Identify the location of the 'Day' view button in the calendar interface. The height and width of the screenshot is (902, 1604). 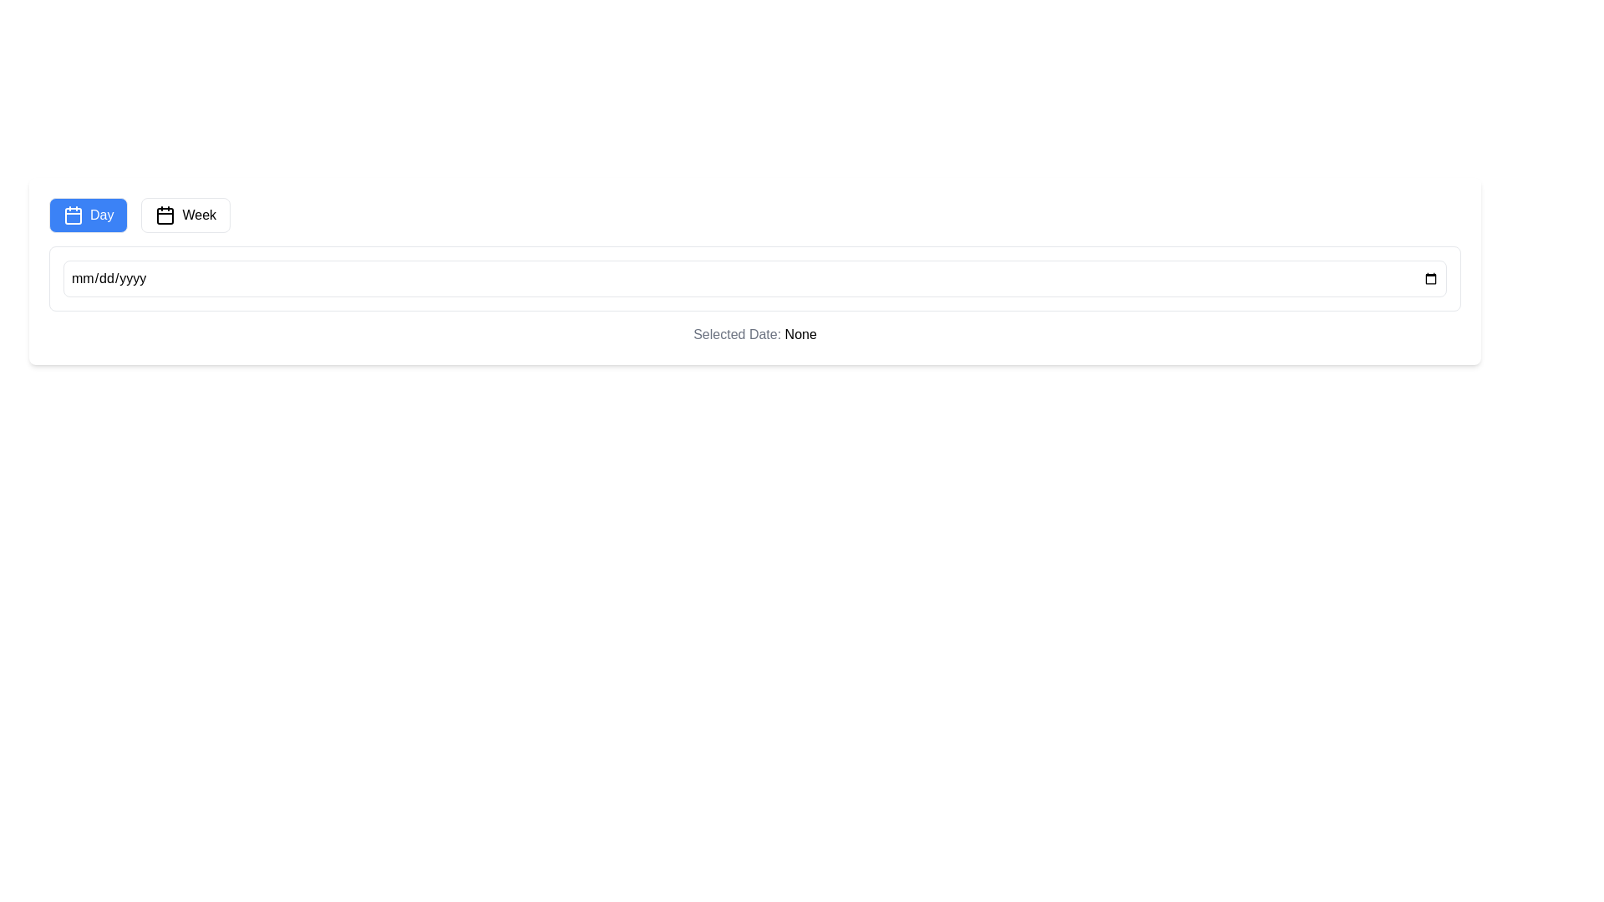
(88, 215).